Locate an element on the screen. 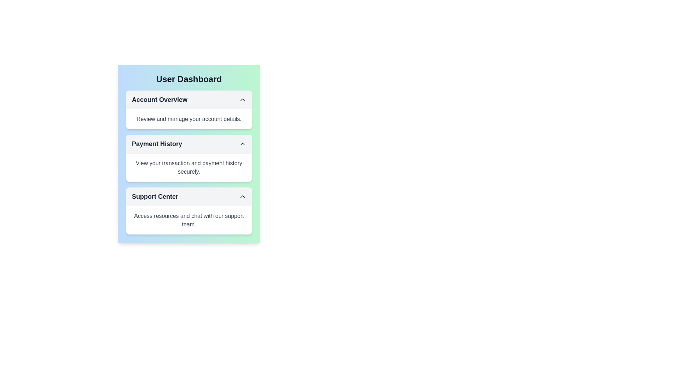  the text block that reads 'Review and manage your account details.' which is styled in gray and located under the 'Account Overview' section is located at coordinates (189, 118).